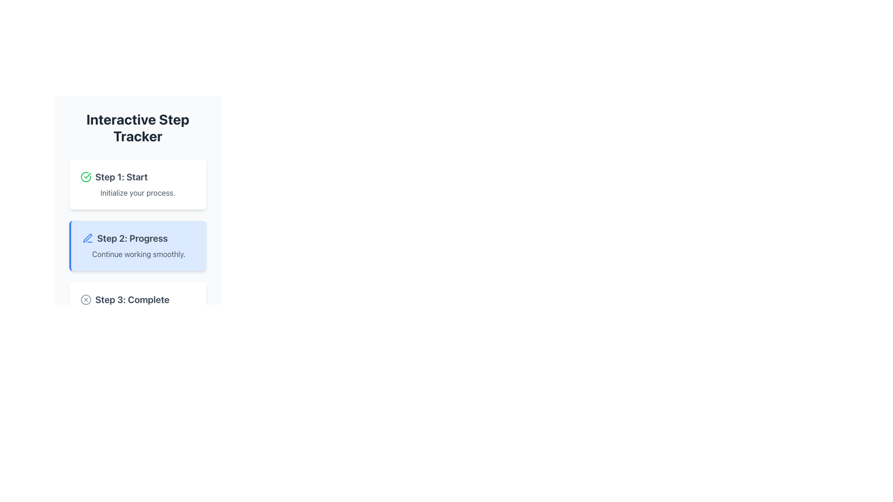 The width and height of the screenshot is (893, 502). Describe the element at coordinates (137, 192) in the screenshot. I see `the static text element that provides instructions for 'Step 1: Start', located below the title in the first card of the vertical list of steps` at that location.